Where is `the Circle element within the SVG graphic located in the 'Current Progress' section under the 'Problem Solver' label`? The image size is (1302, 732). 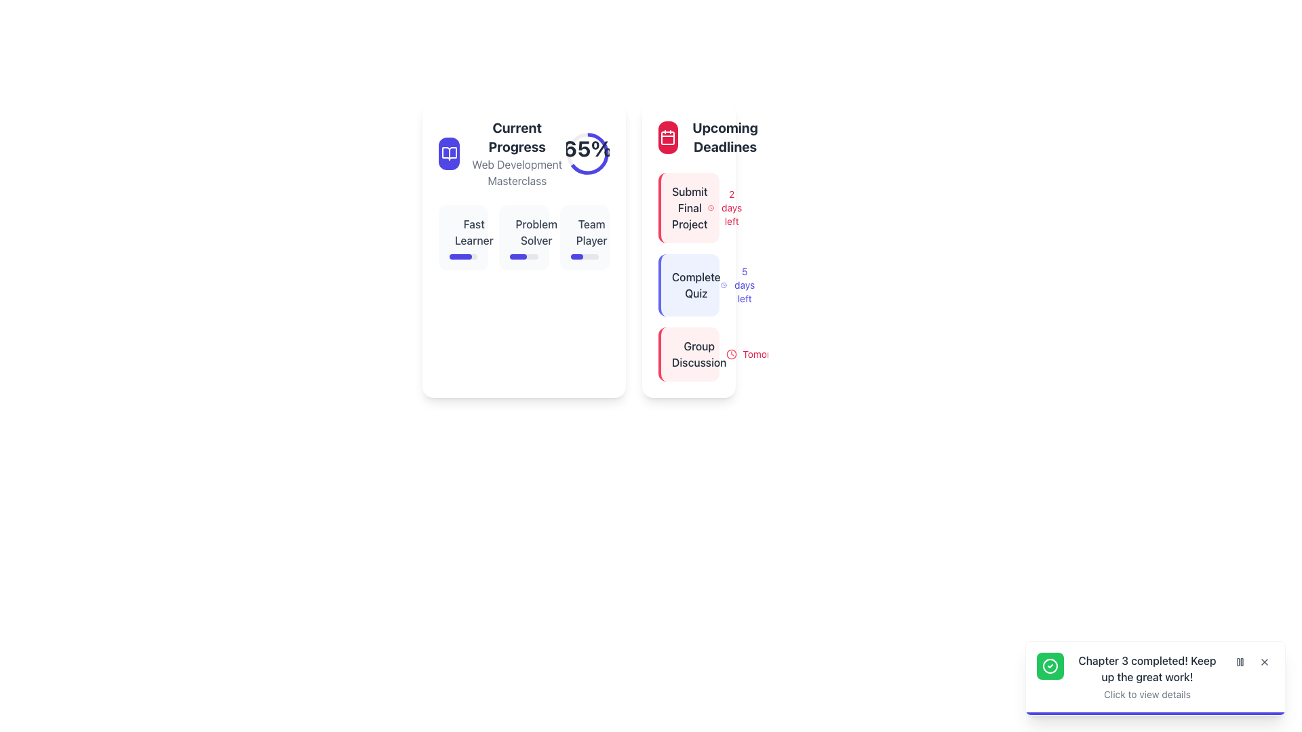 the Circle element within the SVG graphic located in the 'Current Progress' section under the 'Problem Solver' label is located at coordinates (517, 230).